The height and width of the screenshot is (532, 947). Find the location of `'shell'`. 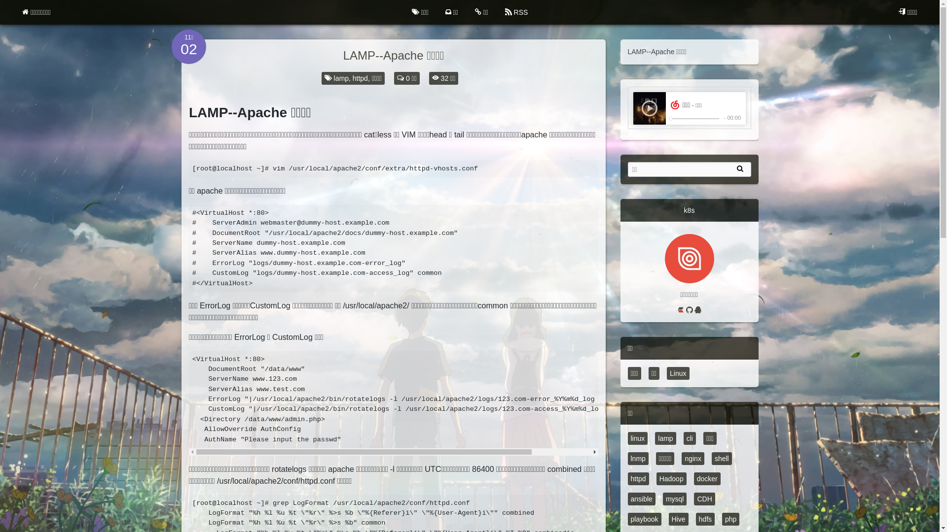

'shell' is located at coordinates (712, 458).